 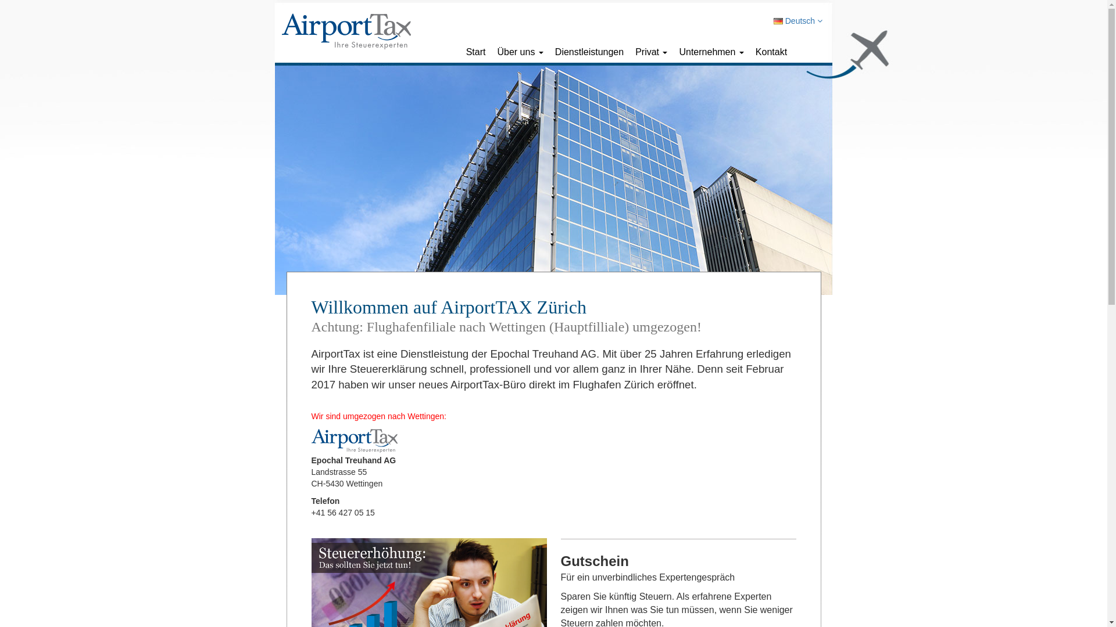 I want to click on 'Unternehmen', so click(x=710, y=51).